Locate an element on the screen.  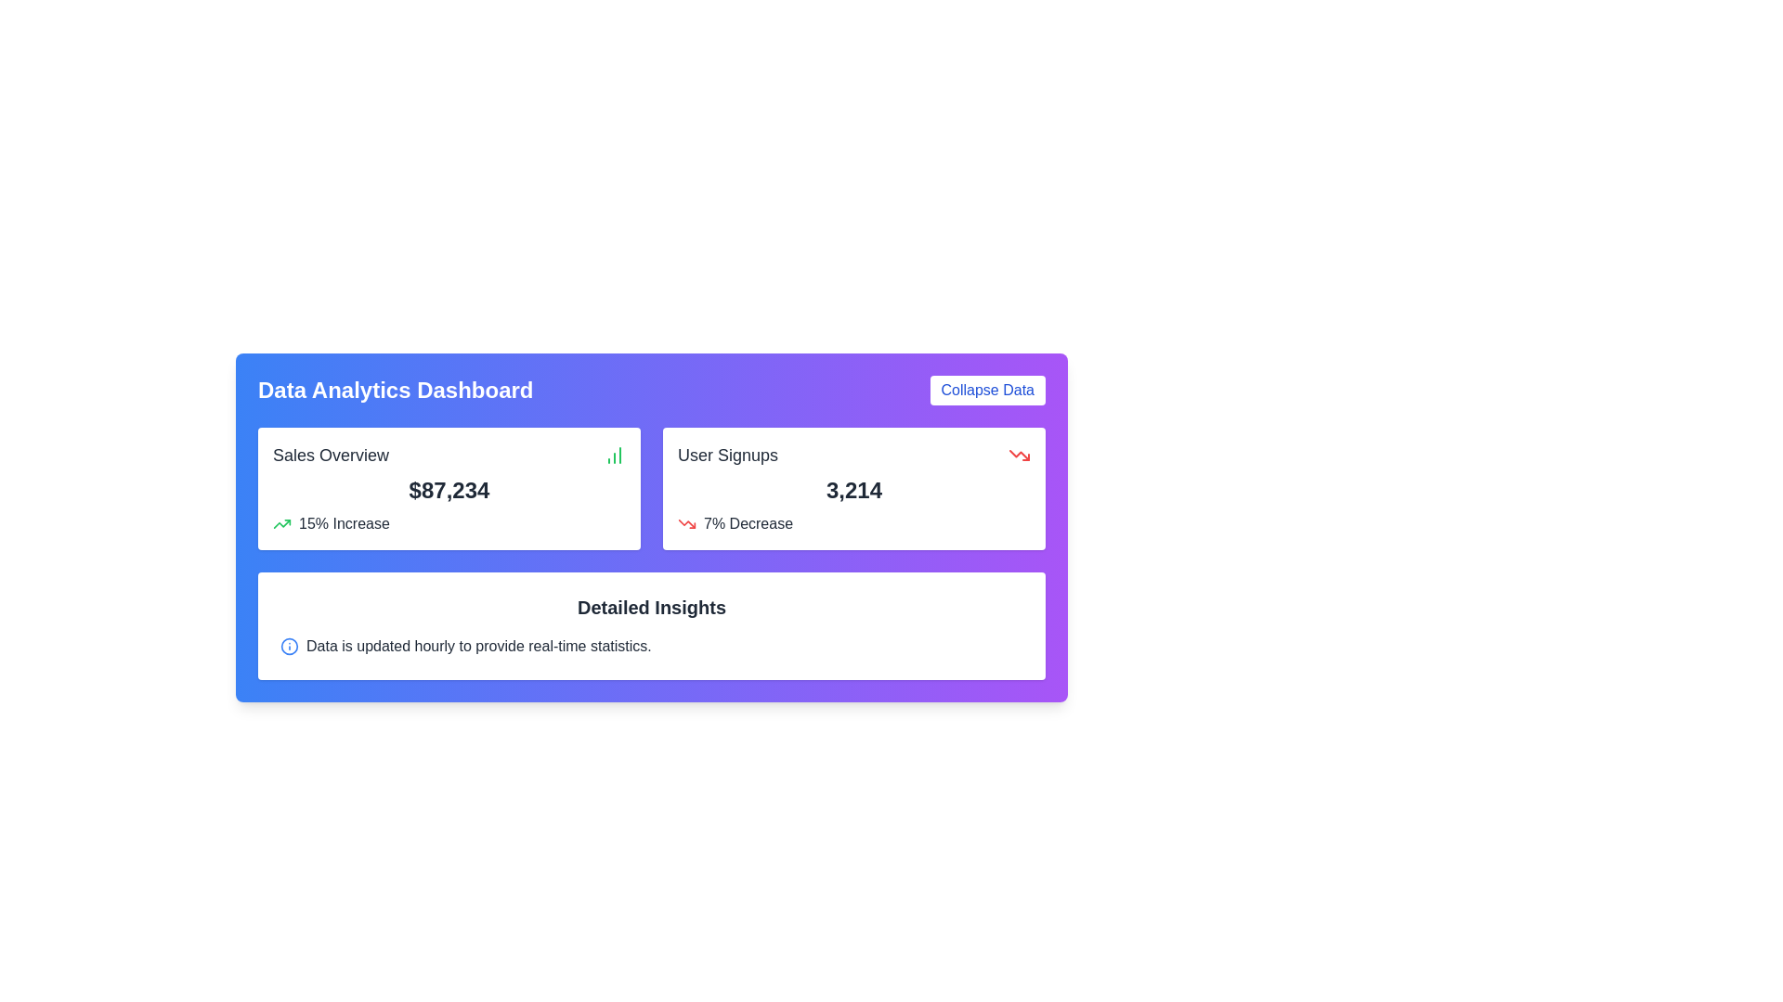
information from the Informational card located at the bottom center of the dashboard, which indicates that data is updated hourly for real-time statistics is located at coordinates (651, 626).